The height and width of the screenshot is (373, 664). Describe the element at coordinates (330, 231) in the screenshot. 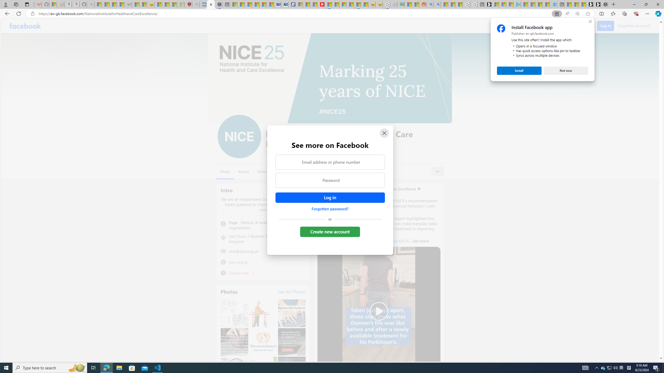

I see `'Create new account'` at that location.